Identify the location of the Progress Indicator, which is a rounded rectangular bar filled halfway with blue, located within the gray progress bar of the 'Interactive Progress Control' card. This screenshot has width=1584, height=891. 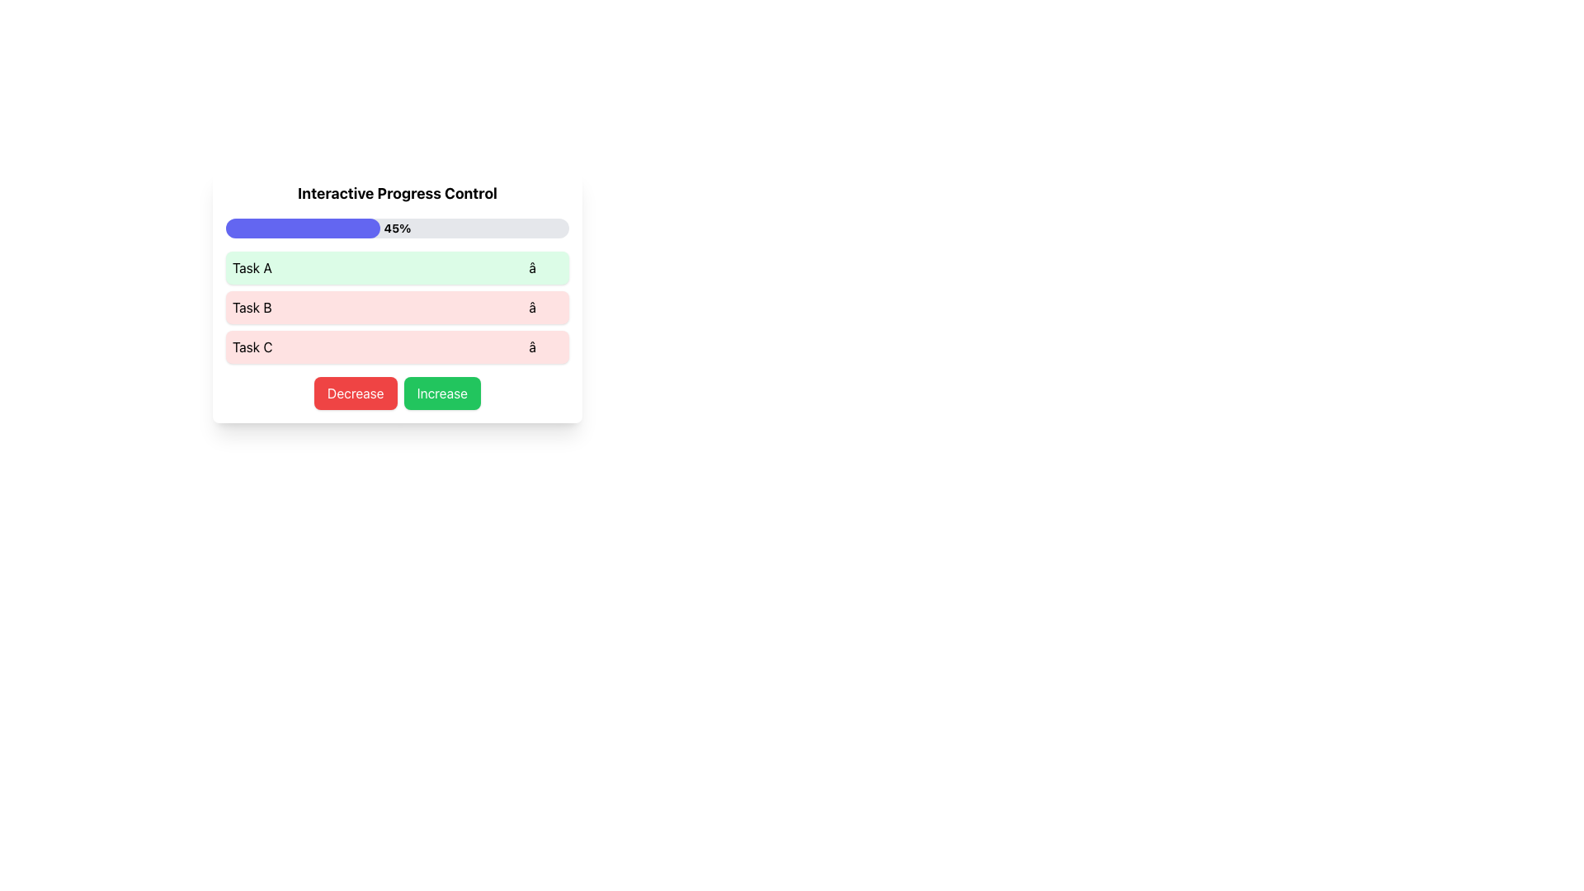
(303, 229).